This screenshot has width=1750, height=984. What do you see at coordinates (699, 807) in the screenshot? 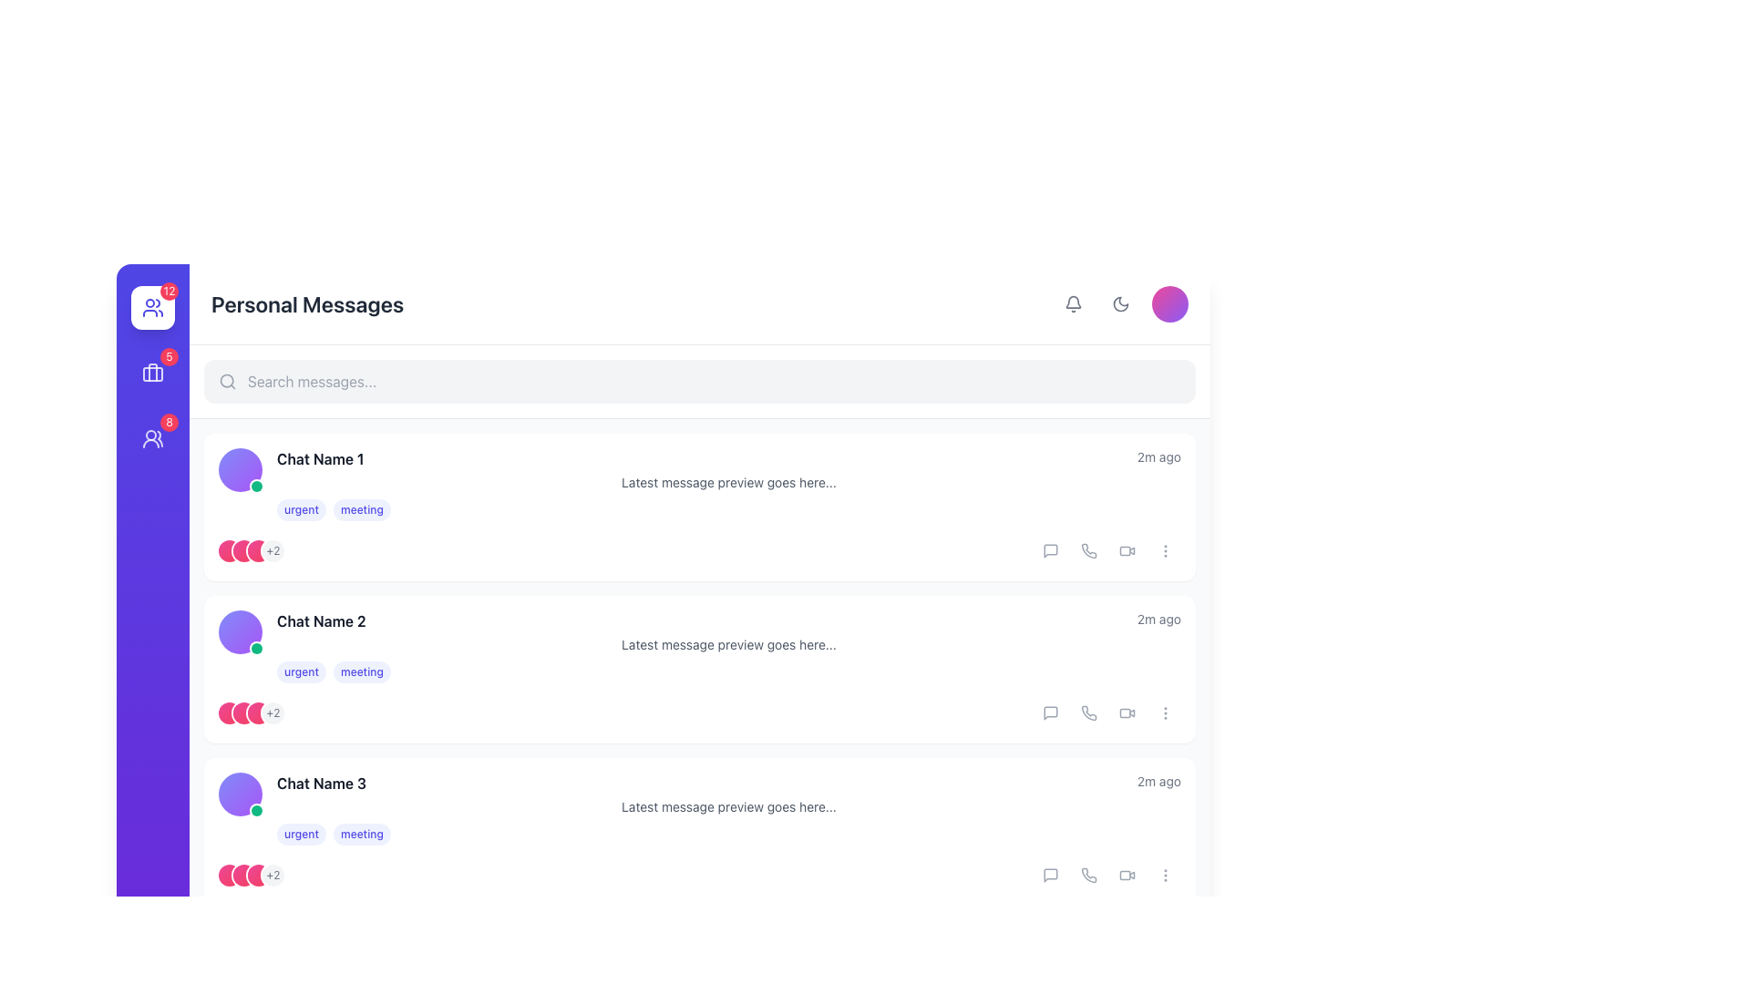
I see `the third list item element` at bounding box center [699, 807].